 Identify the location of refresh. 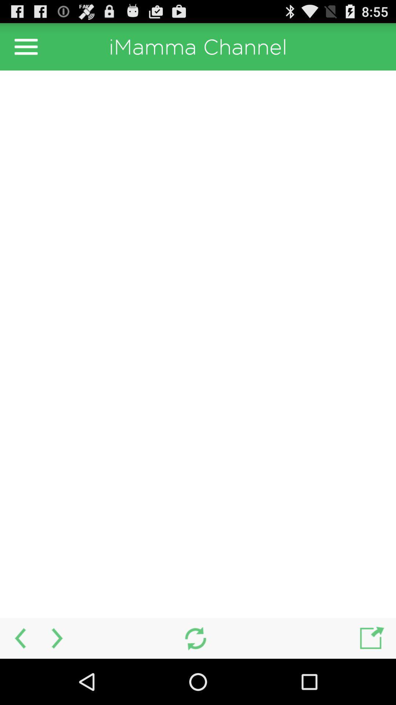
(195, 638).